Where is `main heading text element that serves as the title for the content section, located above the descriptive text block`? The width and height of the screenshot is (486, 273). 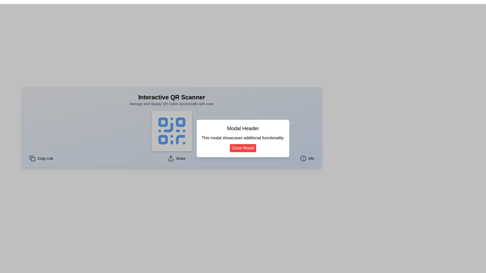
main heading text element that serves as the title for the content section, located above the descriptive text block is located at coordinates (172, 97).